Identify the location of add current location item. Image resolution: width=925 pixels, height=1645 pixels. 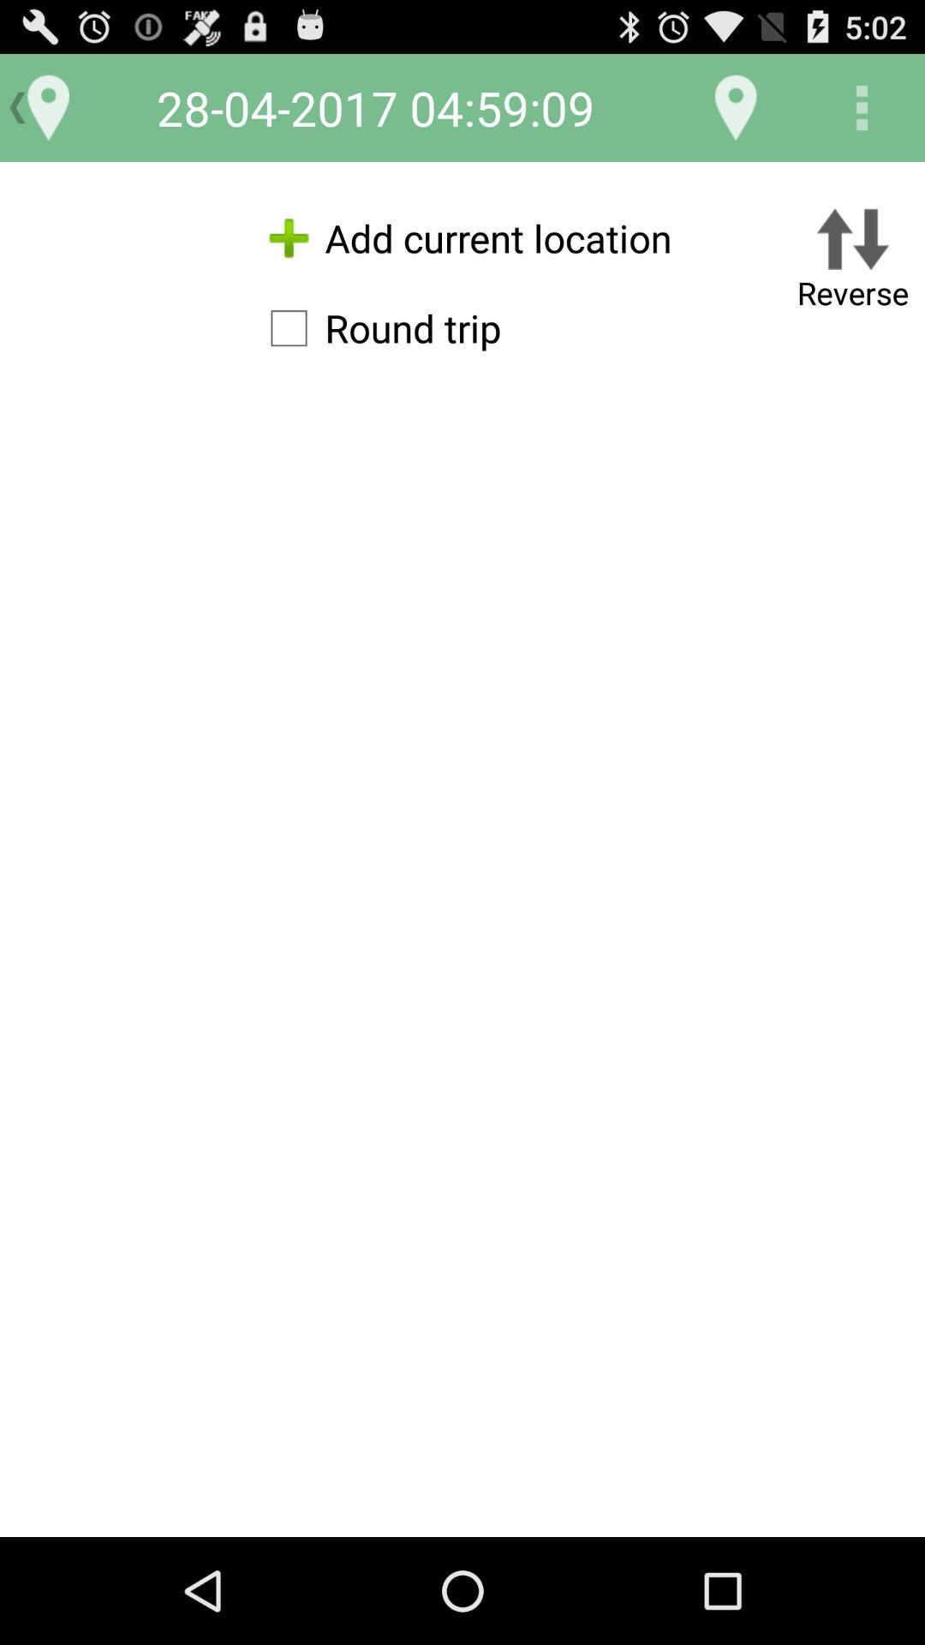
(462, 237).